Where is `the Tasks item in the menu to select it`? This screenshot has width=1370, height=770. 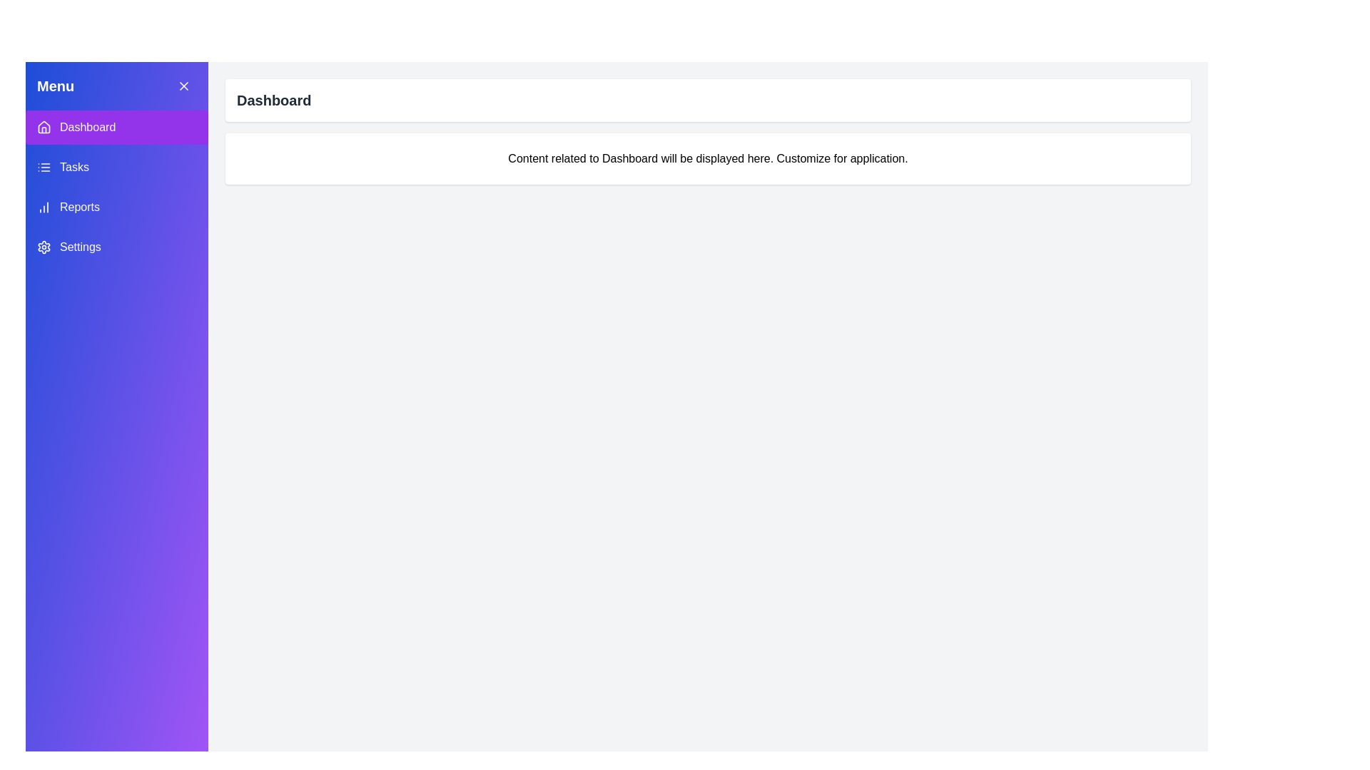 the Tasks item in the menu to select it is located at coordinates (116, 167).